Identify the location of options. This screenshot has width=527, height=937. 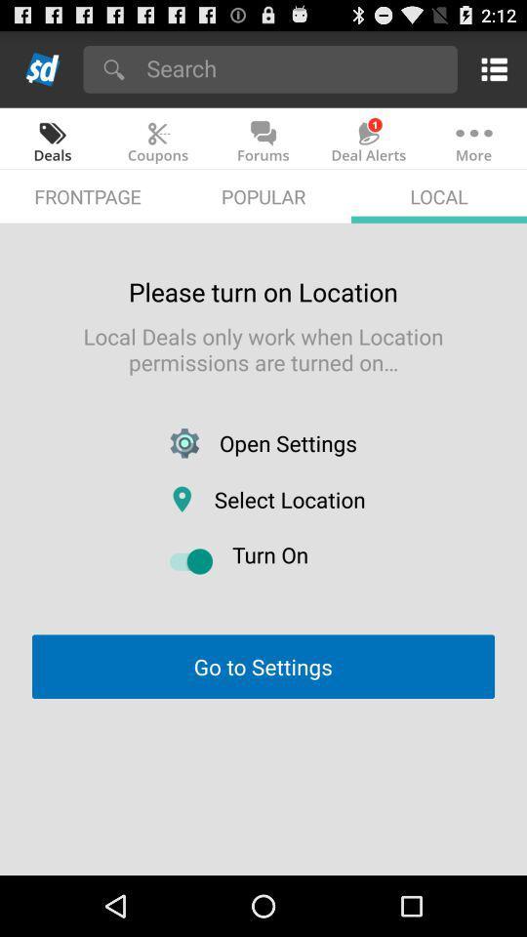
(490, 68).